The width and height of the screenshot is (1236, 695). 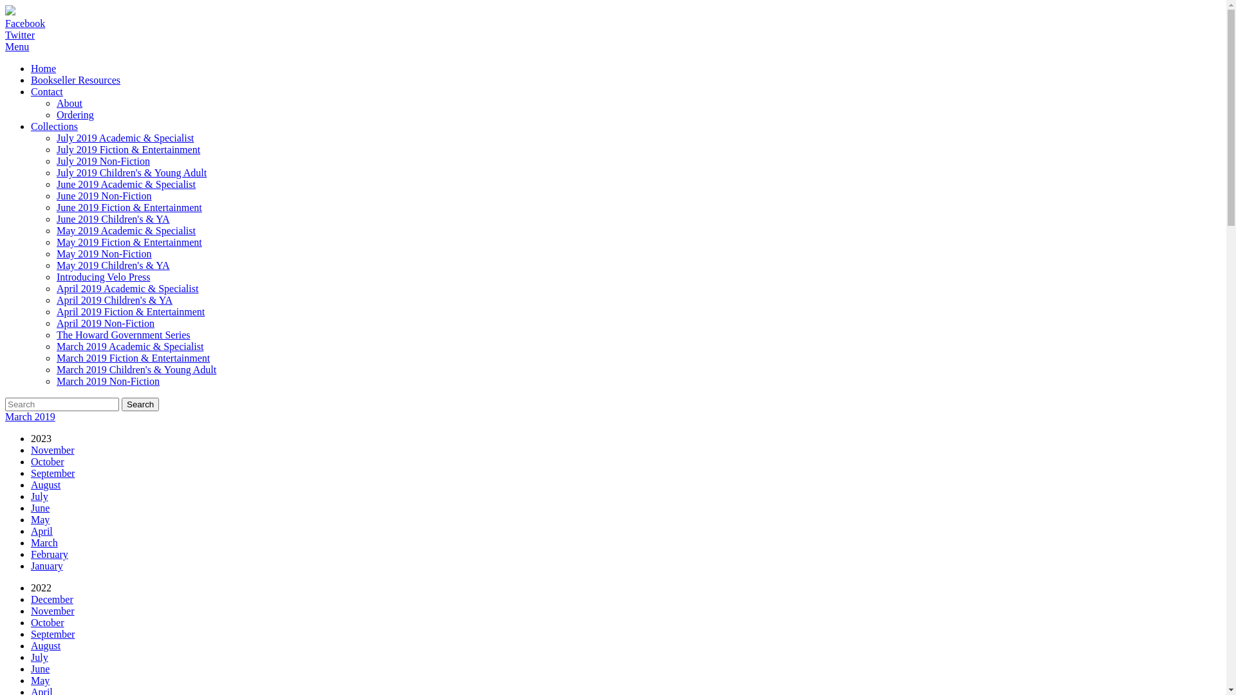 I want to click on 'March', so click(x=44, y=542).